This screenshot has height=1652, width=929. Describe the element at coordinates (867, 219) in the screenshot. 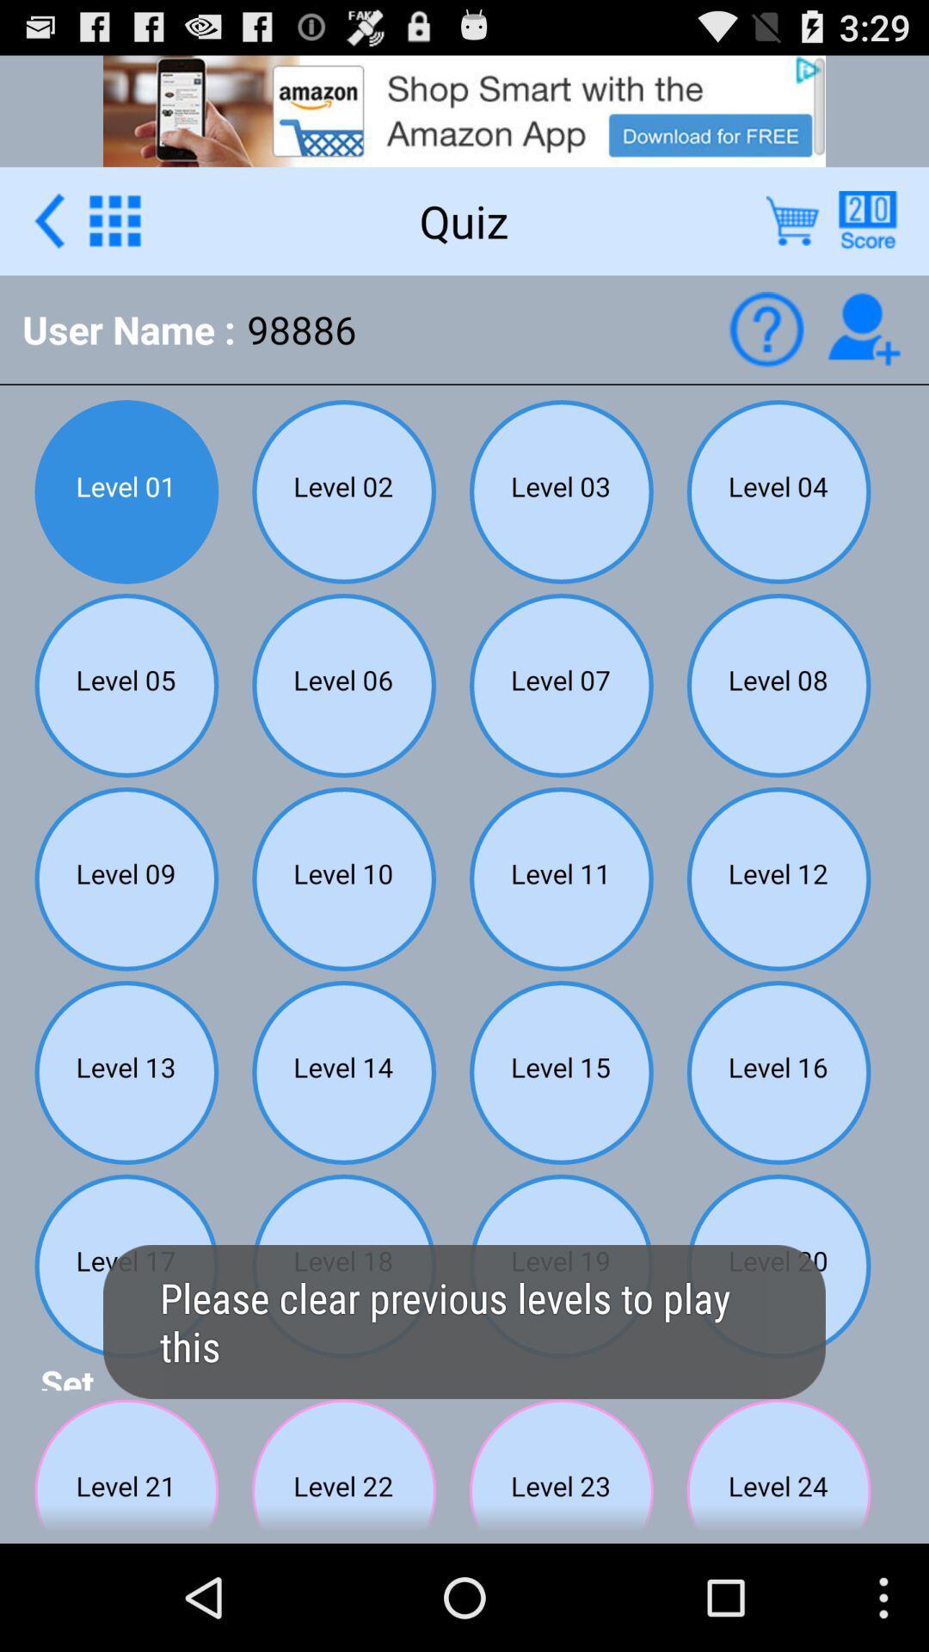

I see `open scoreboards` at that location.